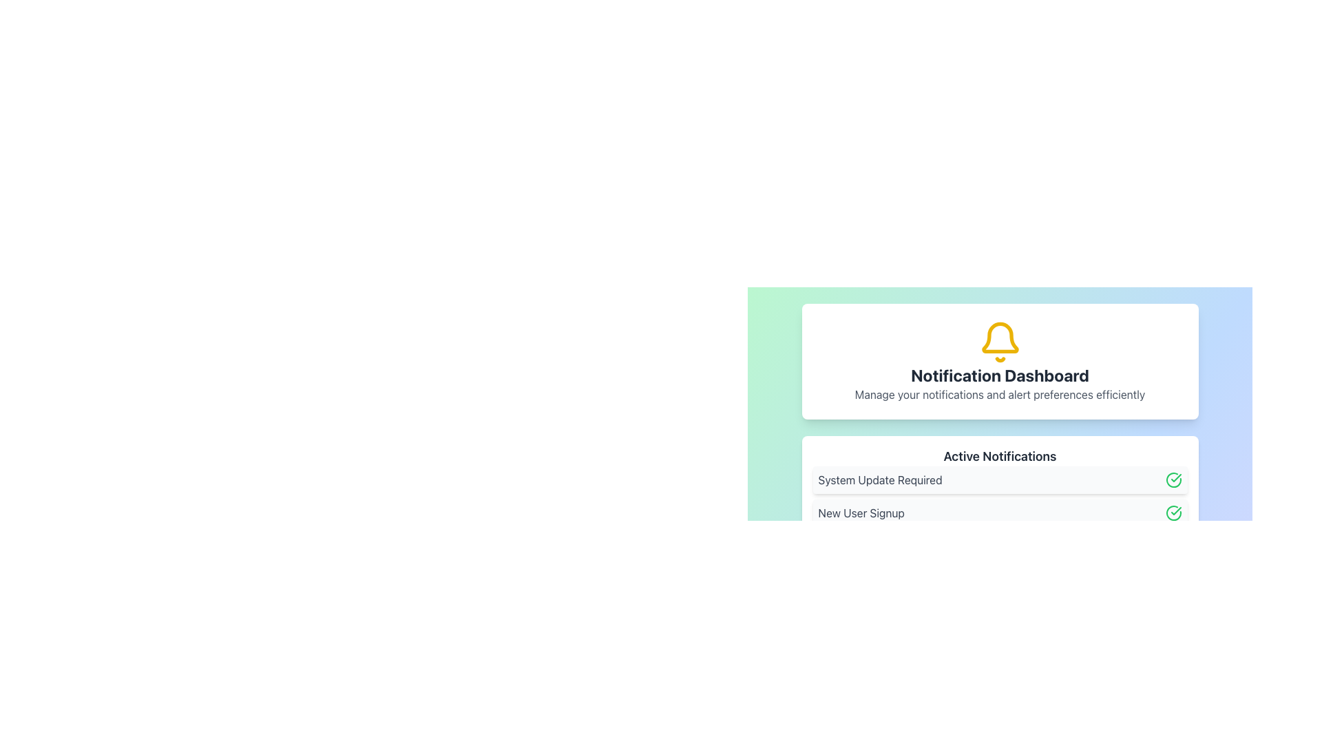  I want to click on the Icon Indicator located on the right side of the 'New User Signup' notification in the 'Active Notifications' section, so click(1175, 477).